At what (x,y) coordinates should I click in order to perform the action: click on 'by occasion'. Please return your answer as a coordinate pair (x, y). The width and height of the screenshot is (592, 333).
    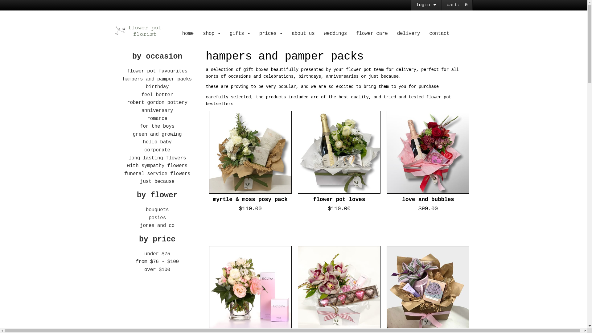
    Looking at the image, I should click on (157, 56).